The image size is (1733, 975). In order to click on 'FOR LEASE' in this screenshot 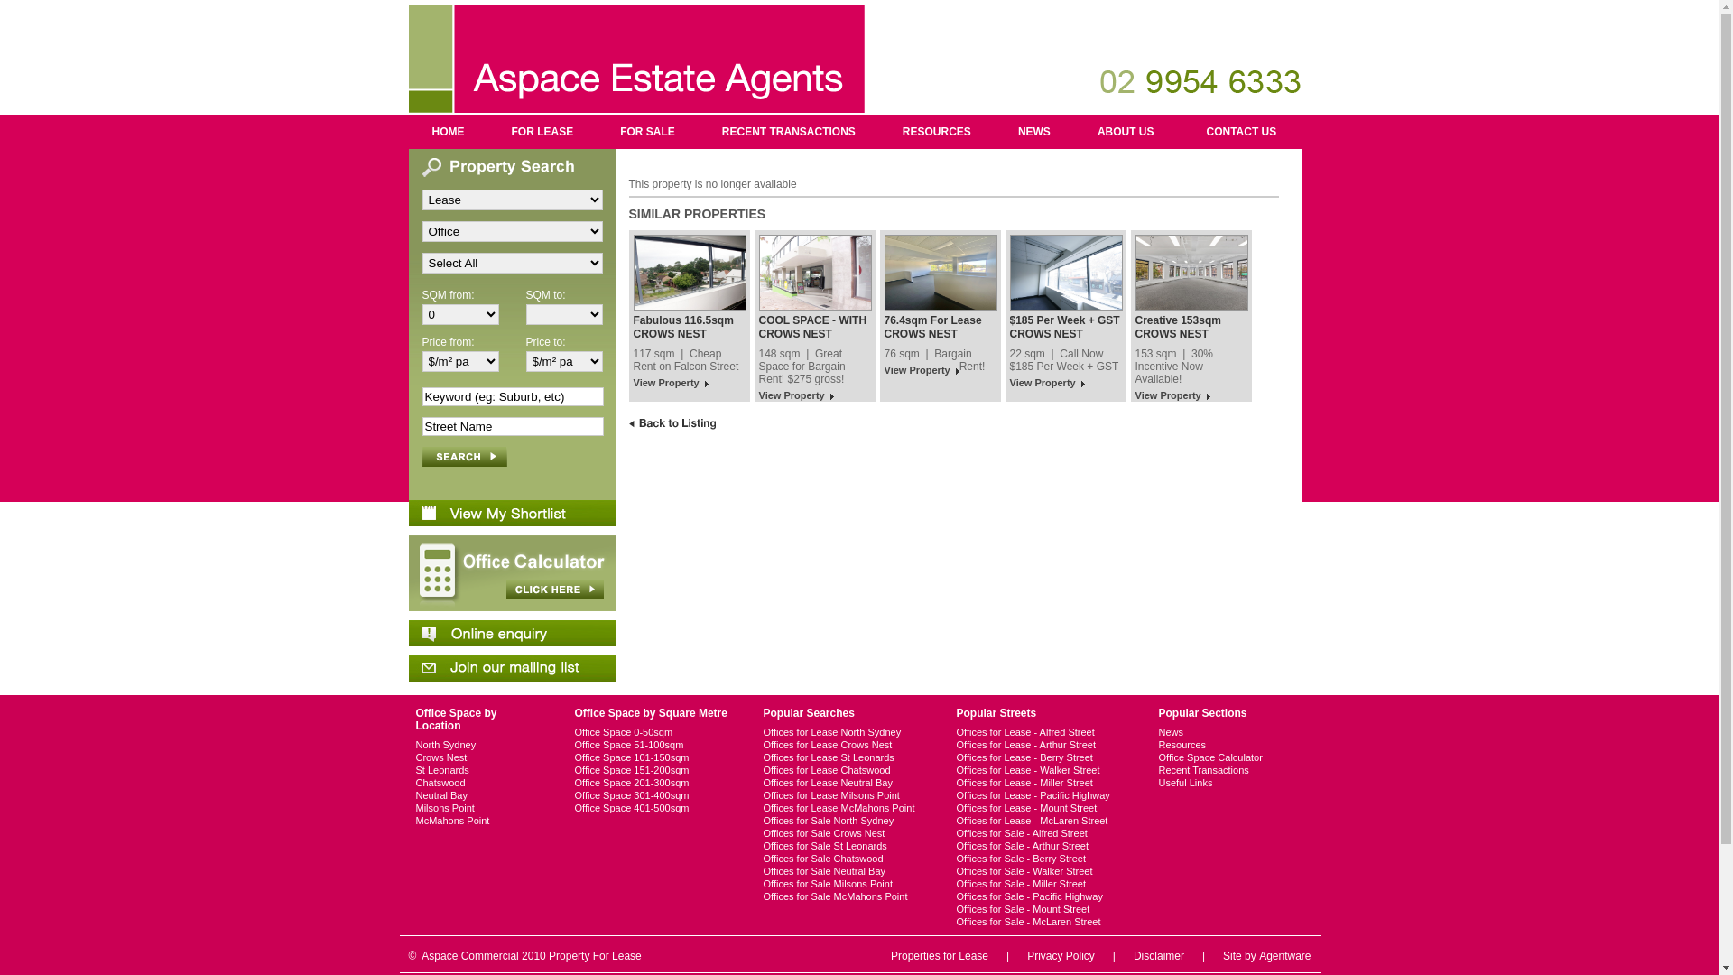, I will do `click(541, 131)`.